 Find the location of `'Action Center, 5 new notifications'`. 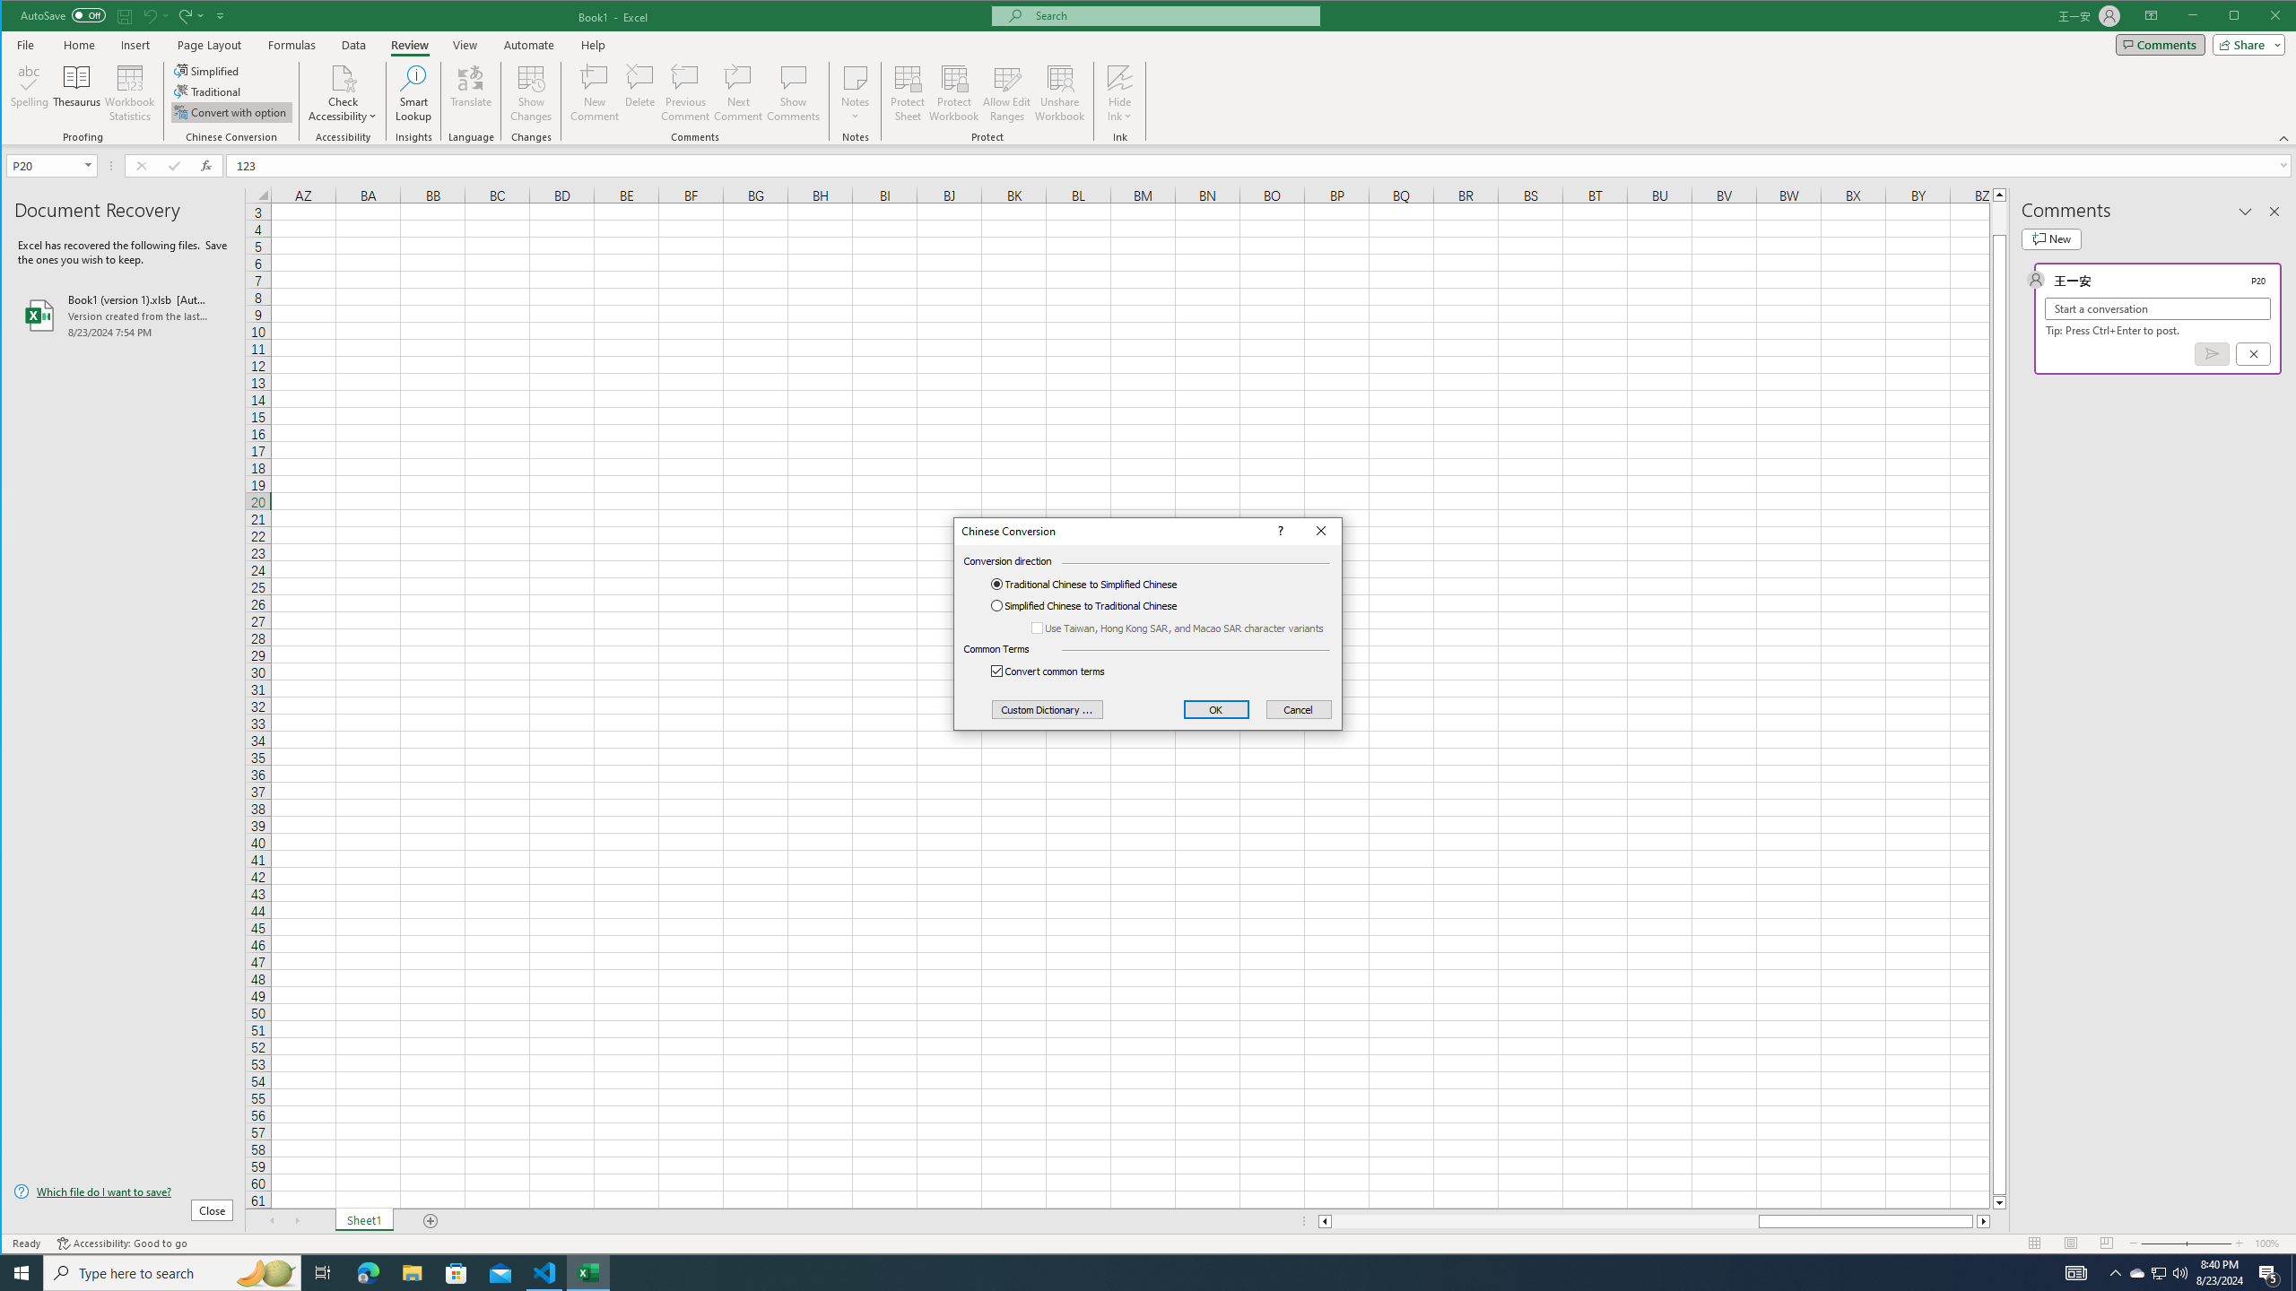

'Action Center, 5 new notifications' is located at coordinates (2269, 1271).